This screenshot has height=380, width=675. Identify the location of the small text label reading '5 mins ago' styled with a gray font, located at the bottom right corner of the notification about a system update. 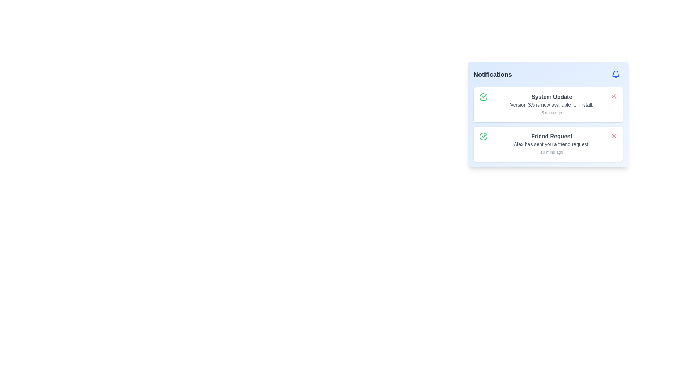
(551, 112).